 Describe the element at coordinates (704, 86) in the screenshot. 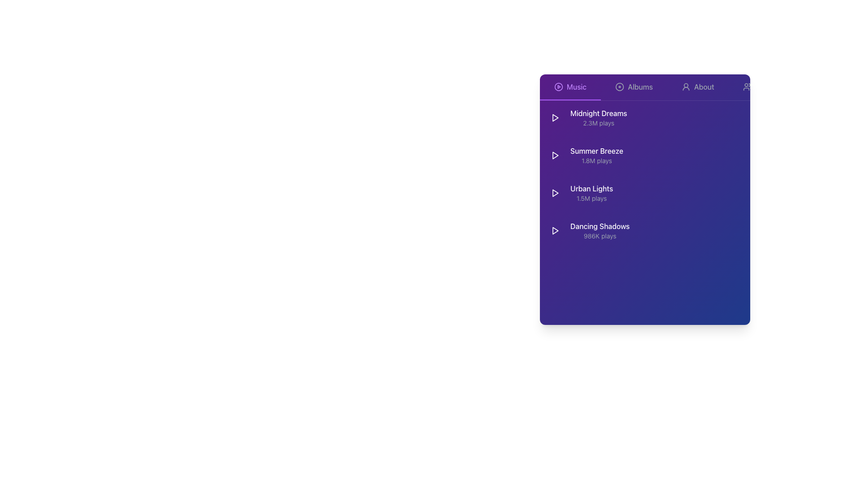

I see `the 'About' text label, which is the fourth clickable option in the horizontal navigation bar, located to the right of 'Music' and 'Albums'` at that location.